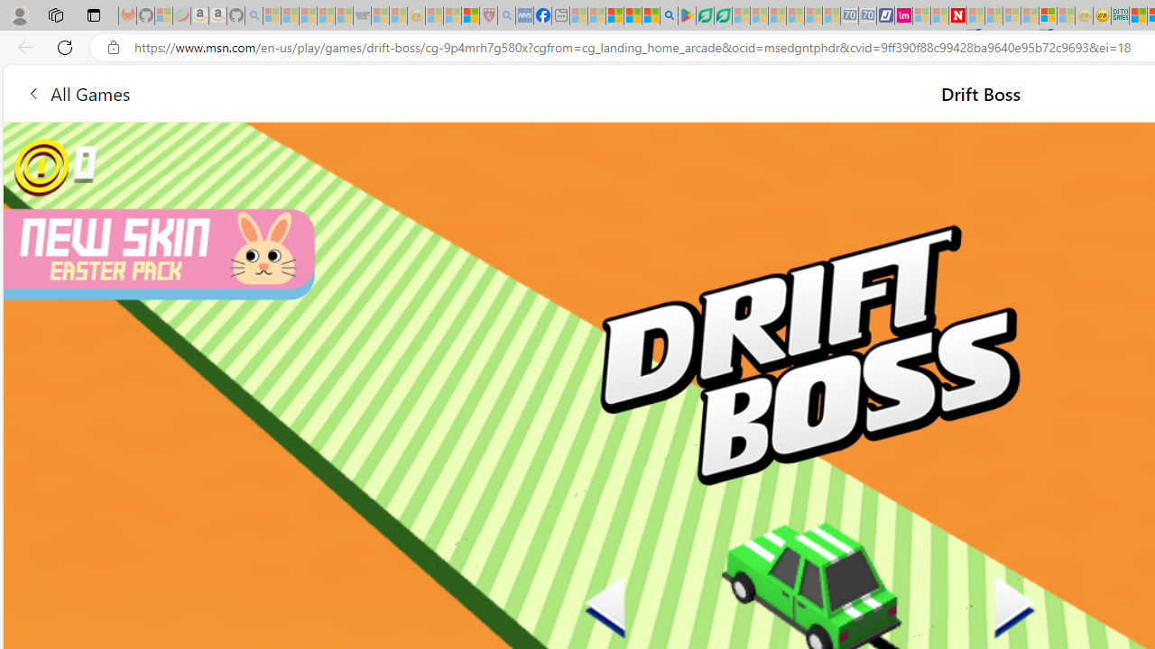 This screenshot has height=649, width=1155. Describe the element at coordinates (55, 14) in the screenshot. I see `'Workspaces'` at that location.